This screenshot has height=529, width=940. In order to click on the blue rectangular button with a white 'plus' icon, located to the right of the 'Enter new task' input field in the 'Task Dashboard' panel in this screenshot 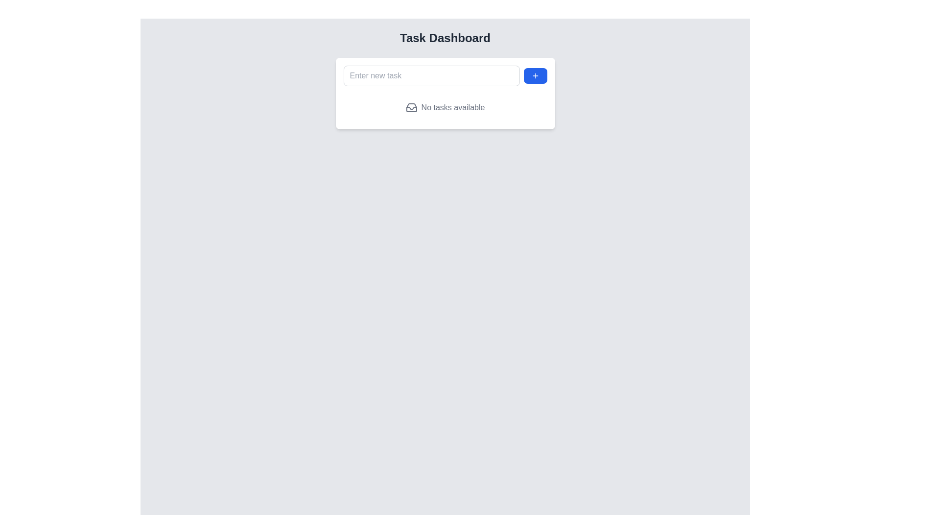, I will do `click(535, 75)`.